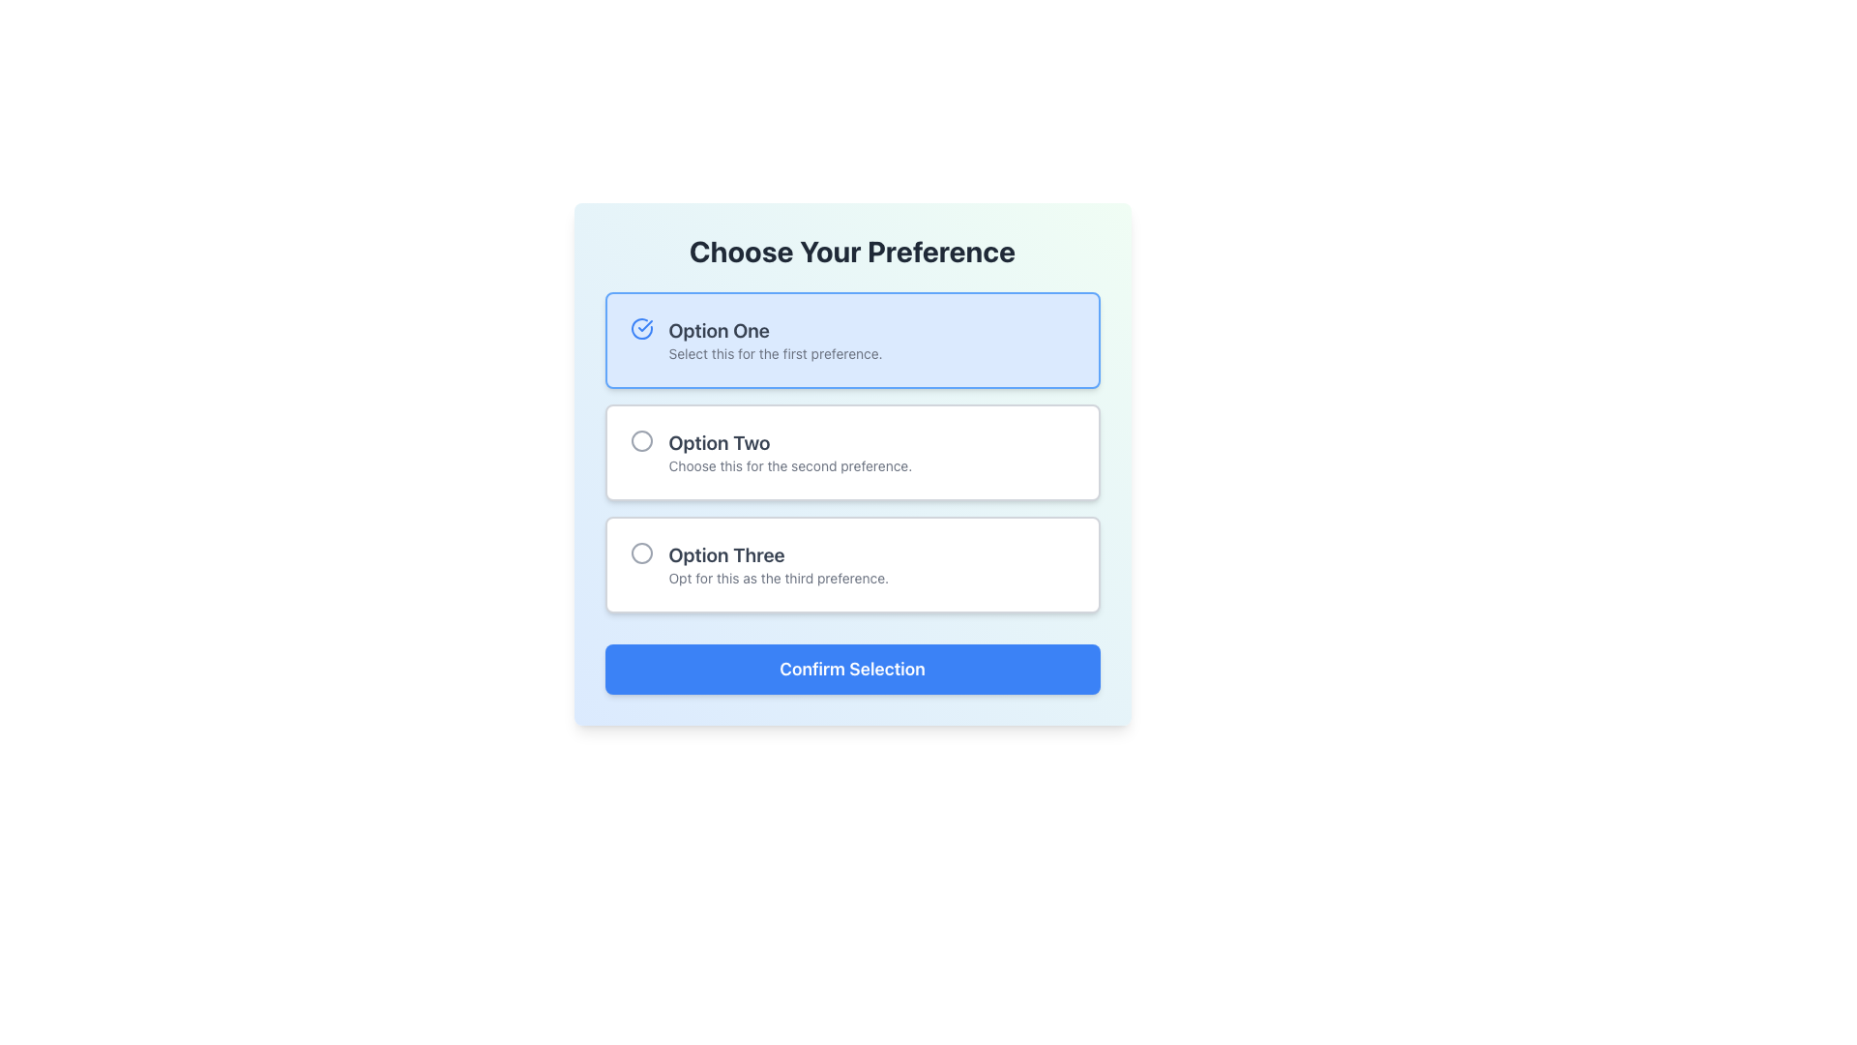 The height and width of the screenshot is (1045, 1857). I want to click on the blue 'Confirm Selection' button with white text located at the bottom of the options list to confirm the selection, so click(851, 668).